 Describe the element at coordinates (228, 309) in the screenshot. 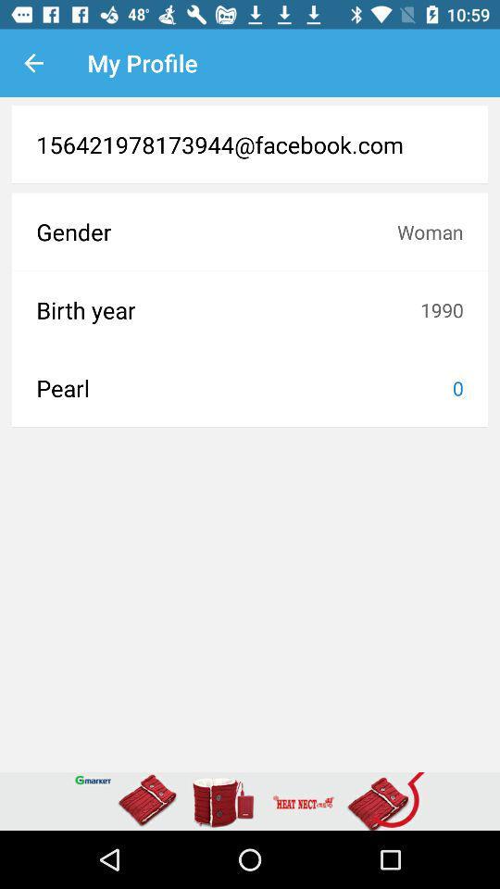

I see `the birth year item` at that location.